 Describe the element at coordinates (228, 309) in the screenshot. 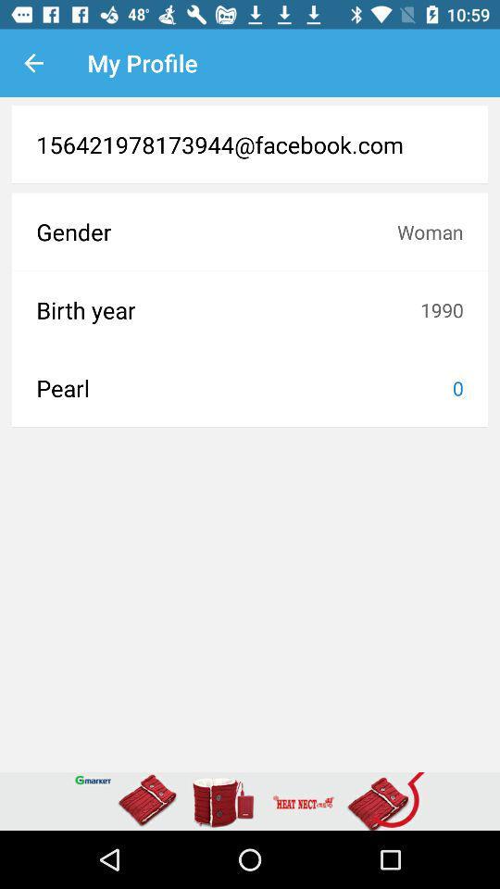

I see `the birth year item` at that location.